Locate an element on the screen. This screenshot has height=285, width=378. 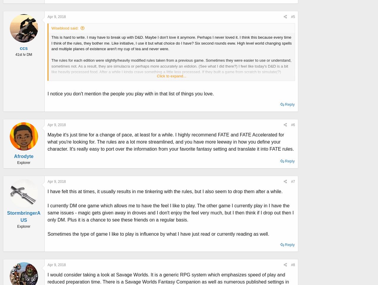
'Solving puzzles and riddles' is located at coordinates (74, 123).